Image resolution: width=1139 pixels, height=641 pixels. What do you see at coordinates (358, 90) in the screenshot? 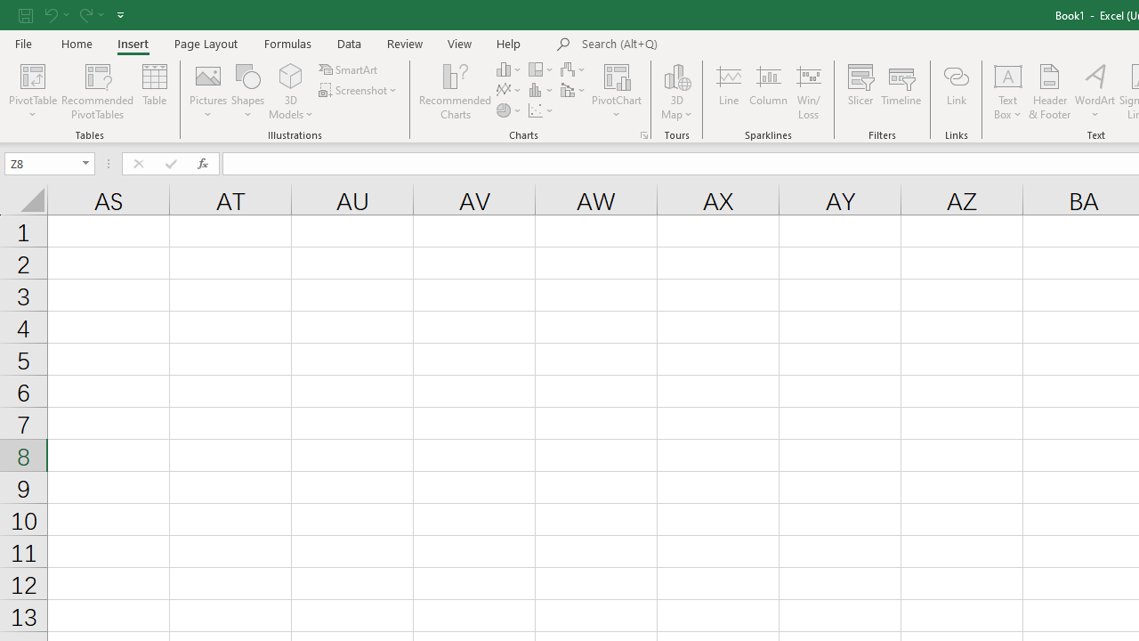
I see `'Screenshot'` at bounding box center [358, 90].